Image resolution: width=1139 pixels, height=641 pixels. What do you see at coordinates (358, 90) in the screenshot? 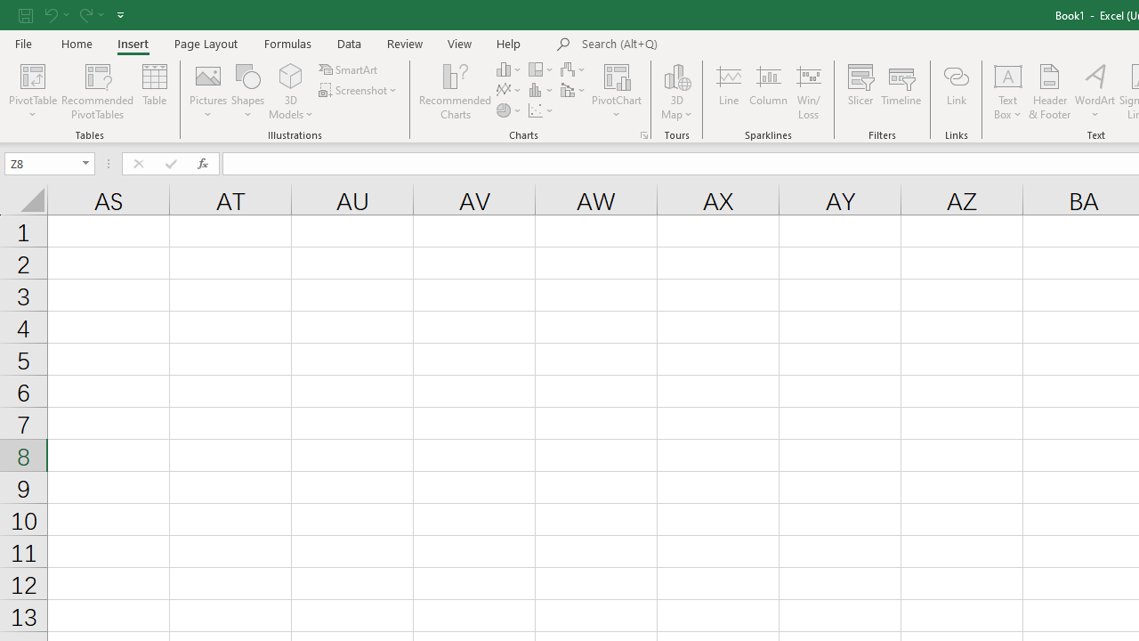
I see `'Screenshot'` at bounding box center [358, 90].